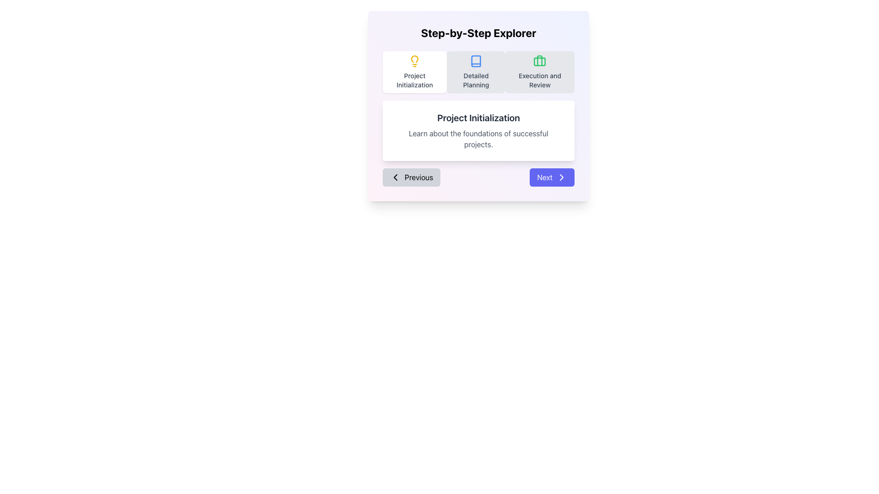 The height and width of the screenshot is (494, 879). I want to click on heading text 'Project Initialization' located at the top of the card, which serves as the primary topic indicator for the content, so click(478, 118).